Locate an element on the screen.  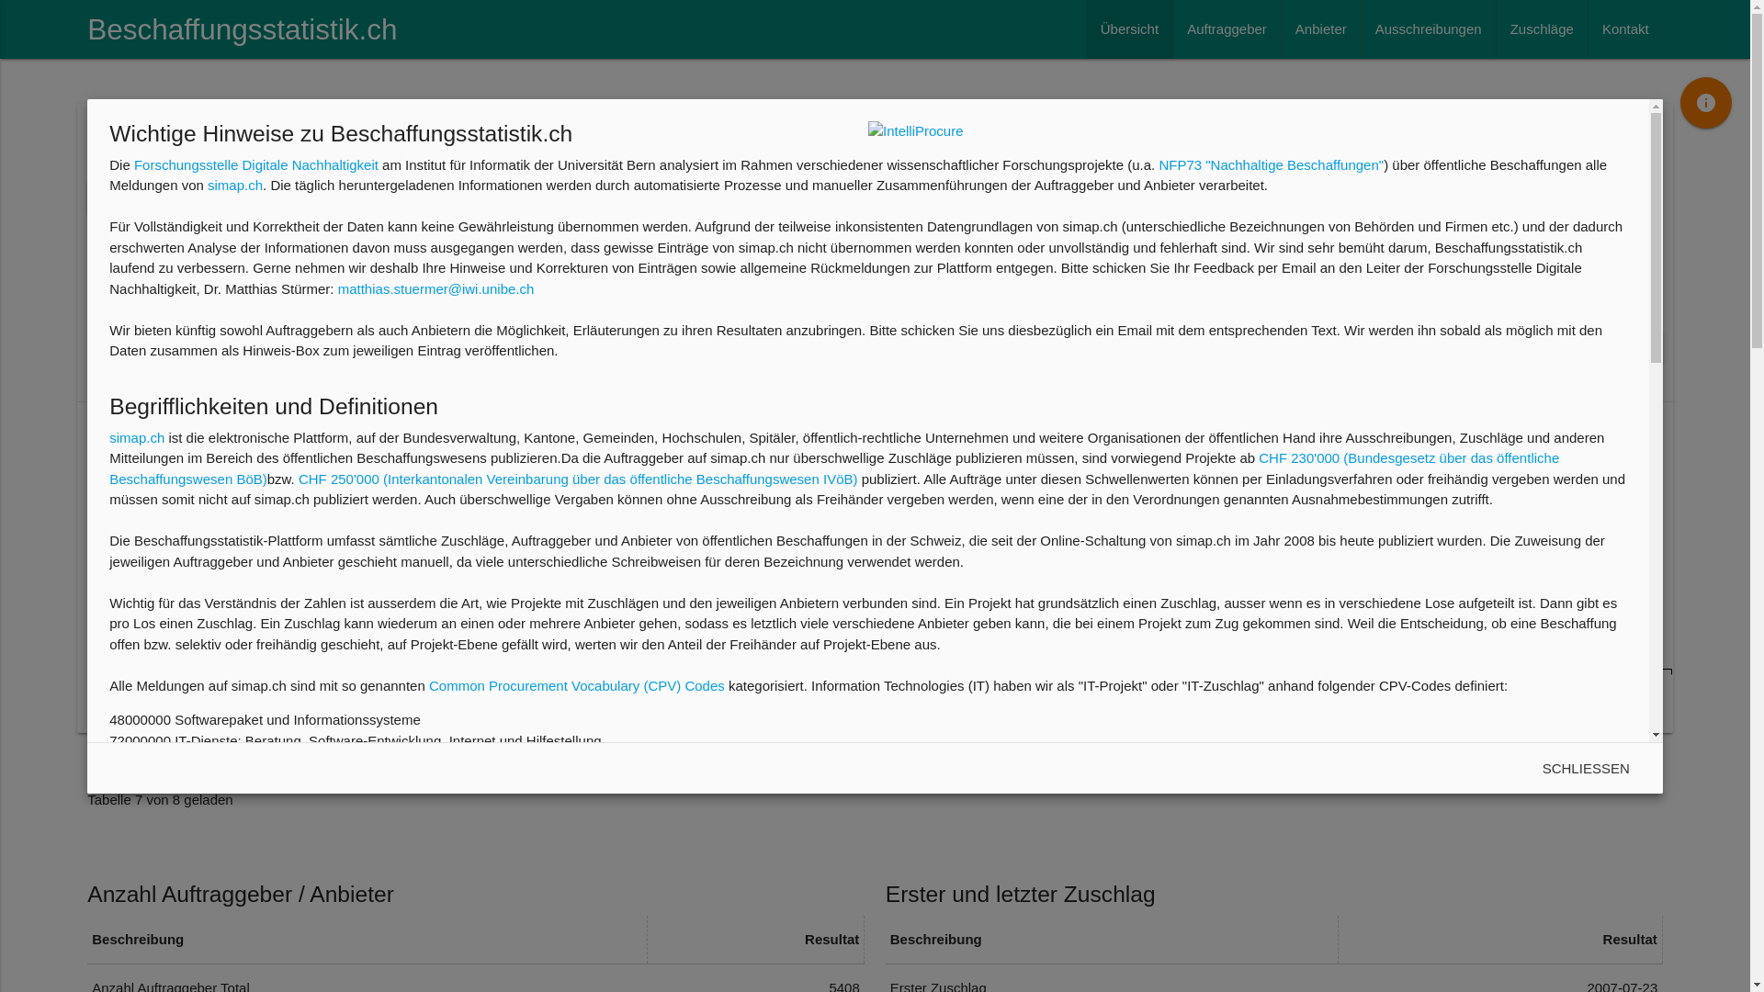
'Forschungsstelle Digitale Nachhaltigkeit' is located at coordinates (132, 163).